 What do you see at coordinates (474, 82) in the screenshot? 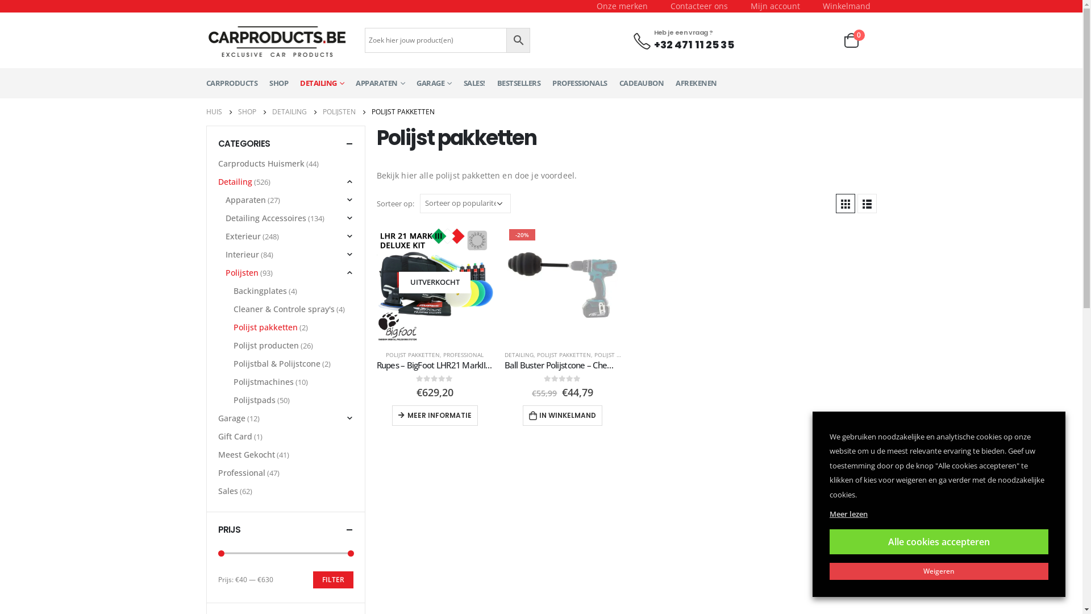
I see `'SALES!'` at bounding box center [474, 82].